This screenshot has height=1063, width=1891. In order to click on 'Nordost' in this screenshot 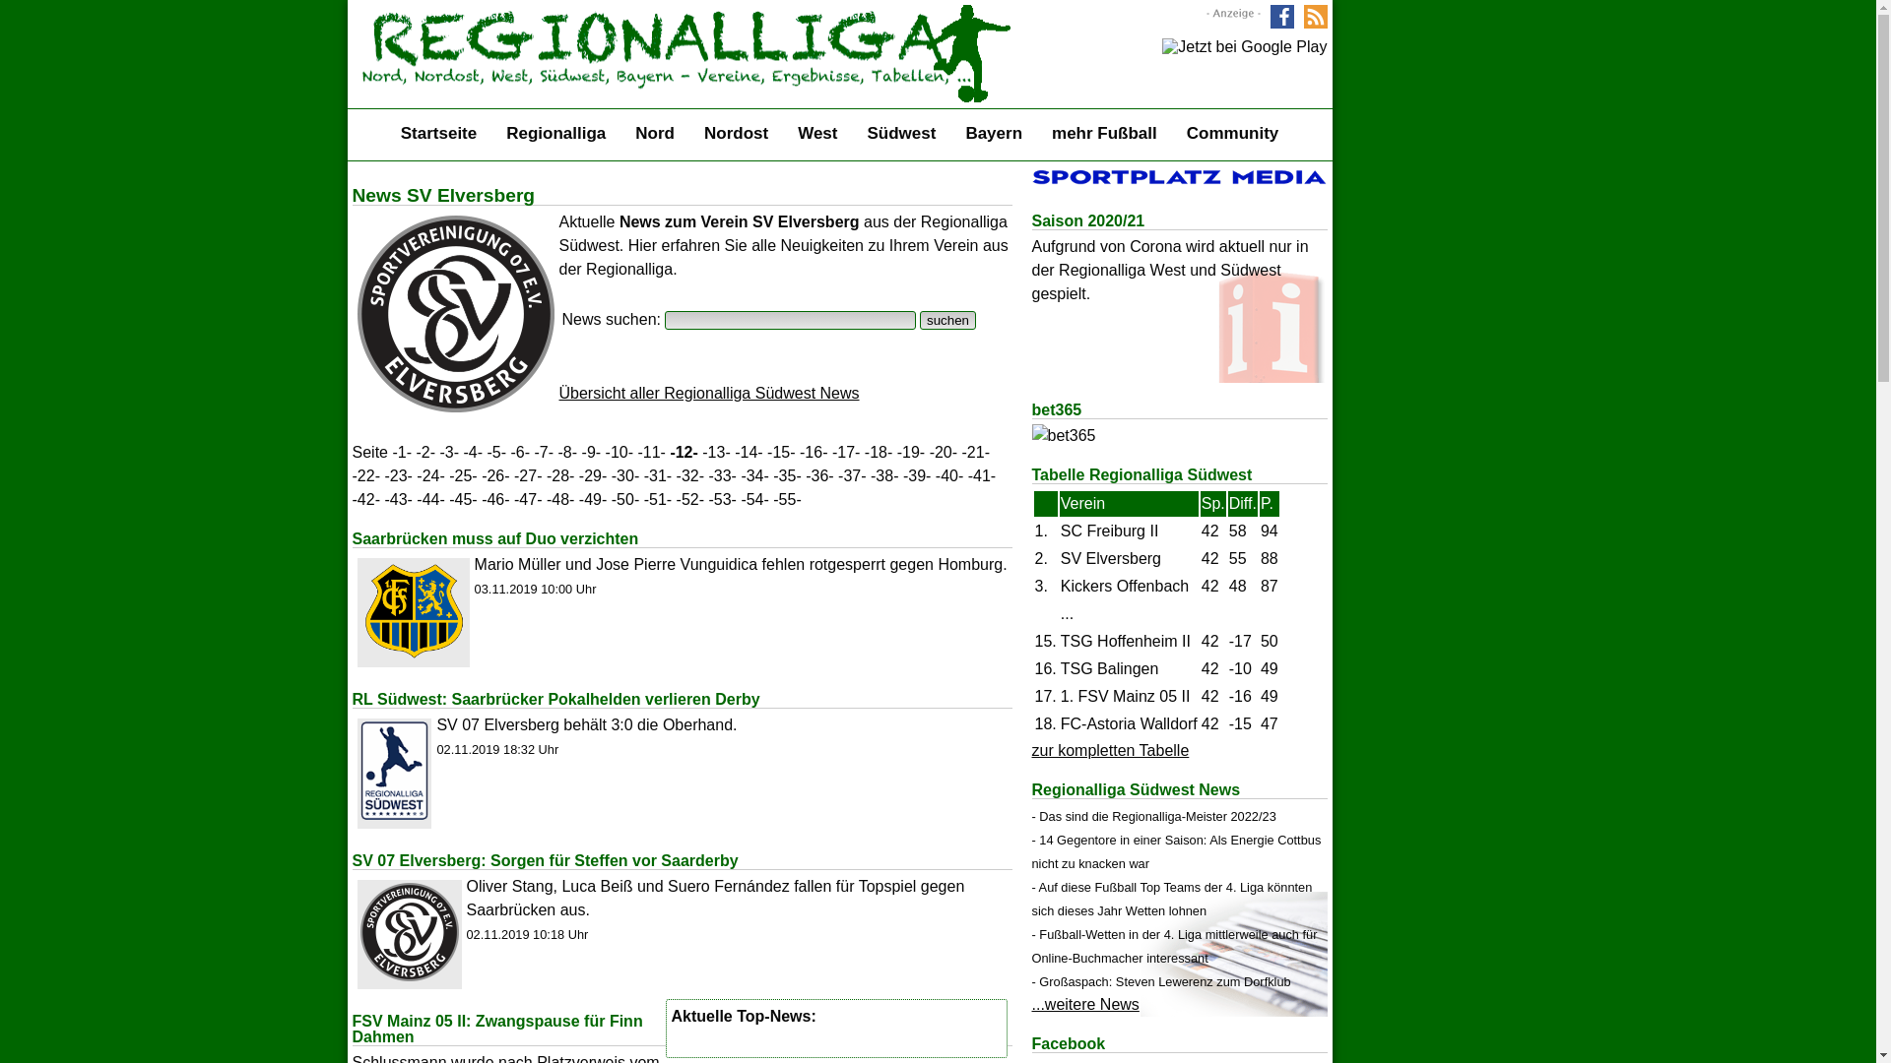, I will do `click(735, 133)`.